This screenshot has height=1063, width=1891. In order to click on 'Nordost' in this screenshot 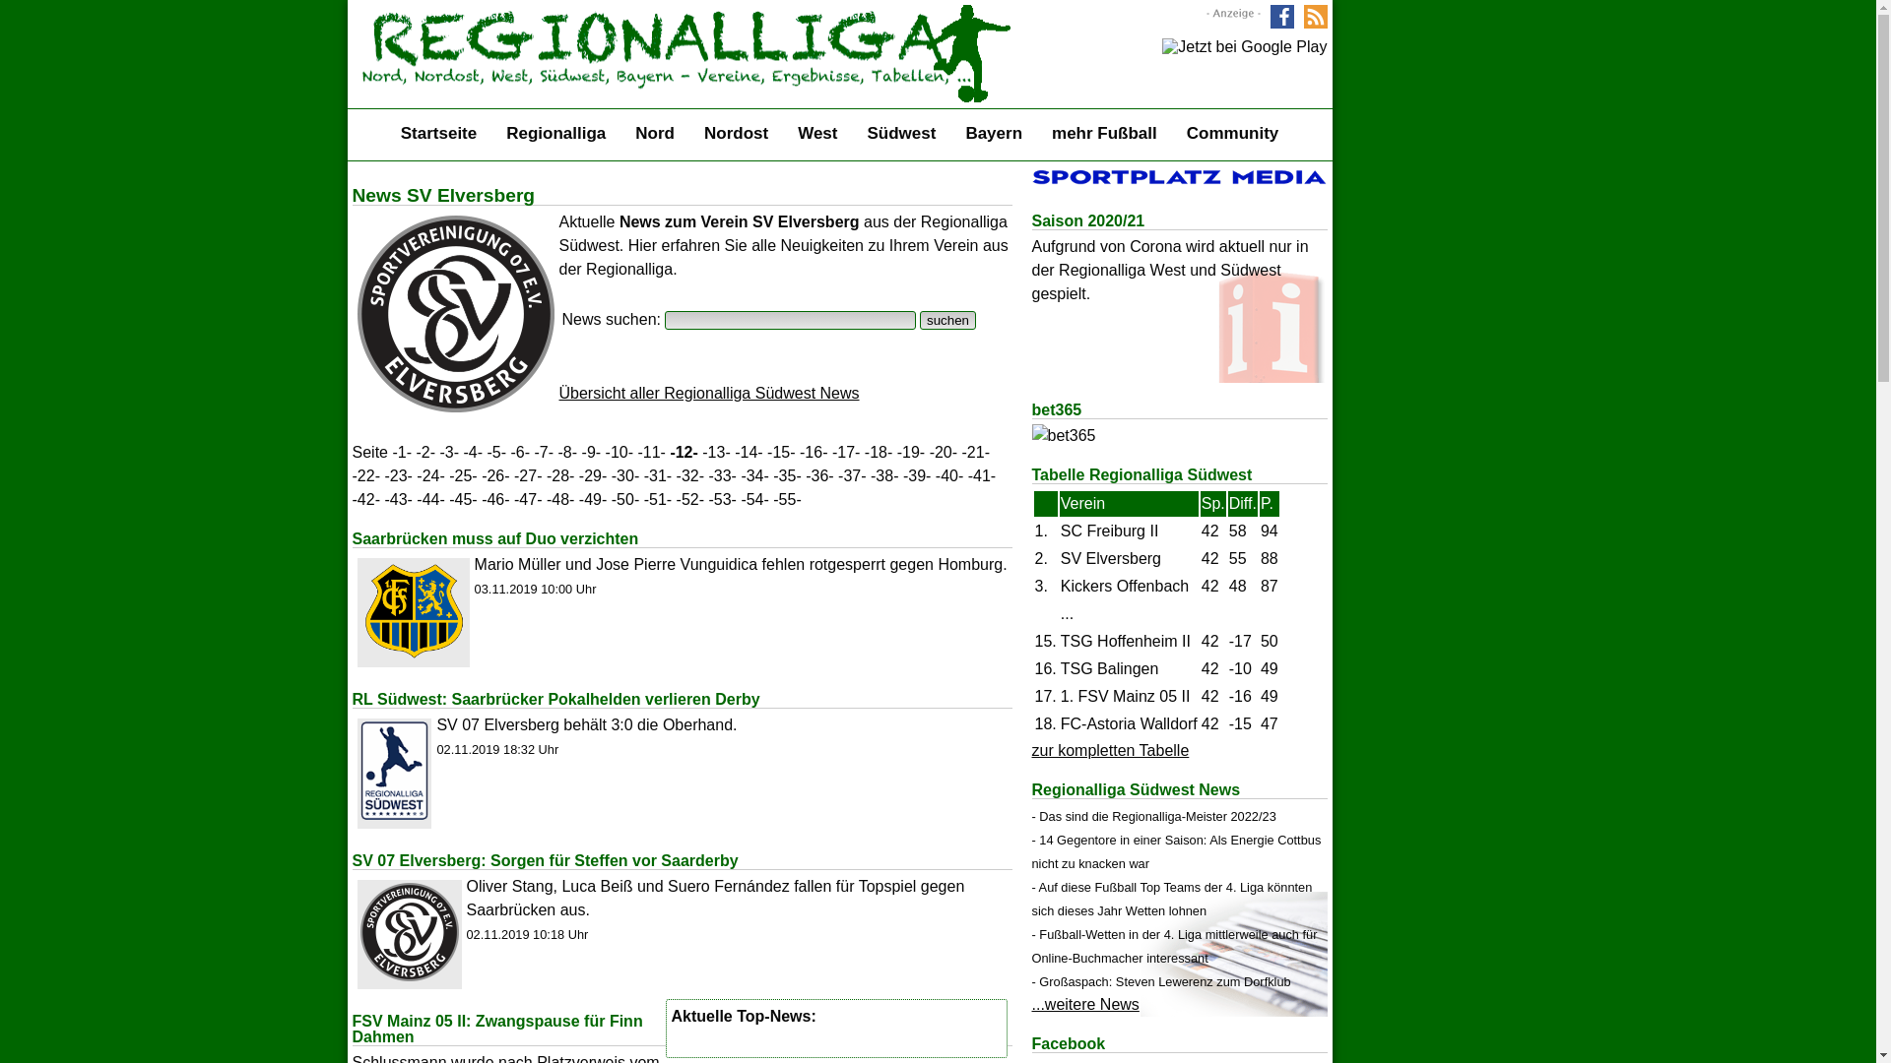, I will do `click(735, 133)`.